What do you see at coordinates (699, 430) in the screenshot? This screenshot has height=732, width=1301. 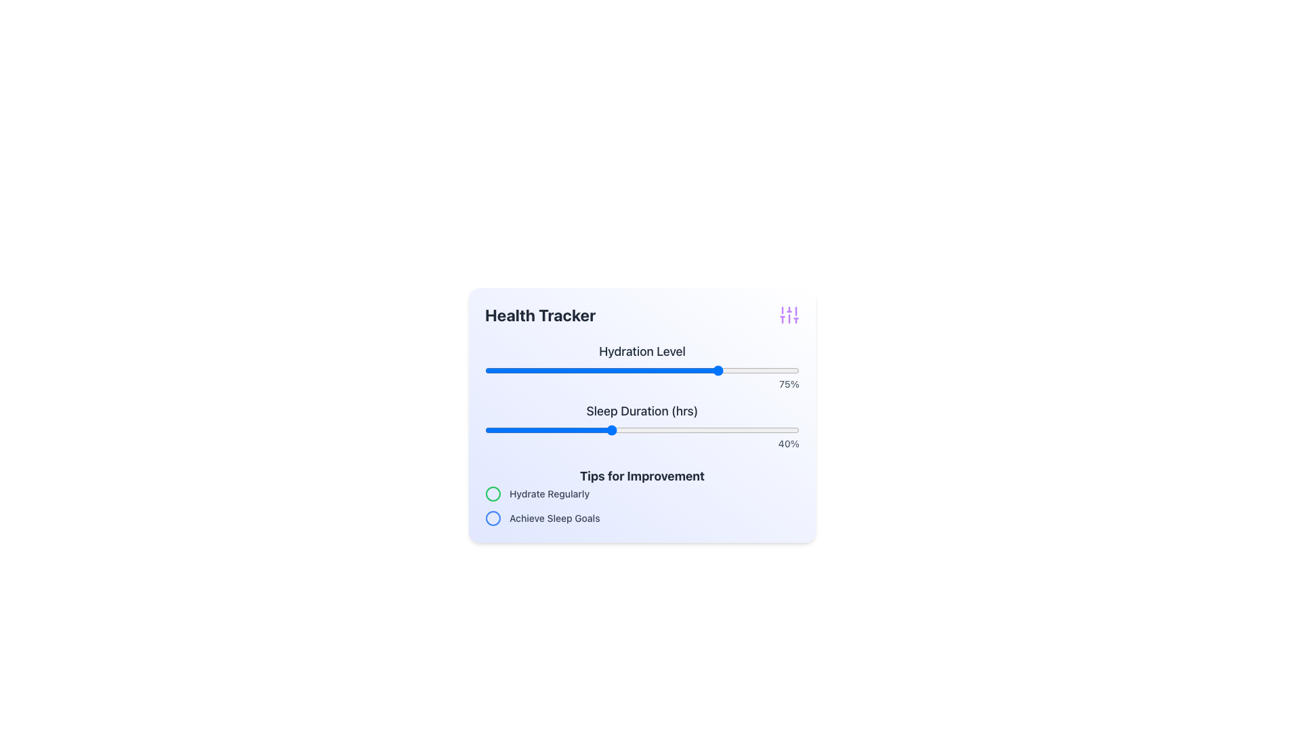 I see `the sleep duration` at bounding box center [699, 430].